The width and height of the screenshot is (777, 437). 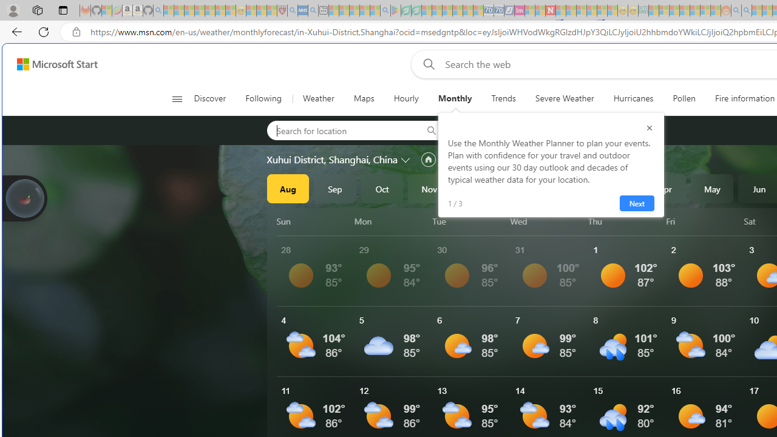 What do you see at coordinates (318, 98) in the screenshot?
I see `'Weather'` at bounding box center [318, 98].